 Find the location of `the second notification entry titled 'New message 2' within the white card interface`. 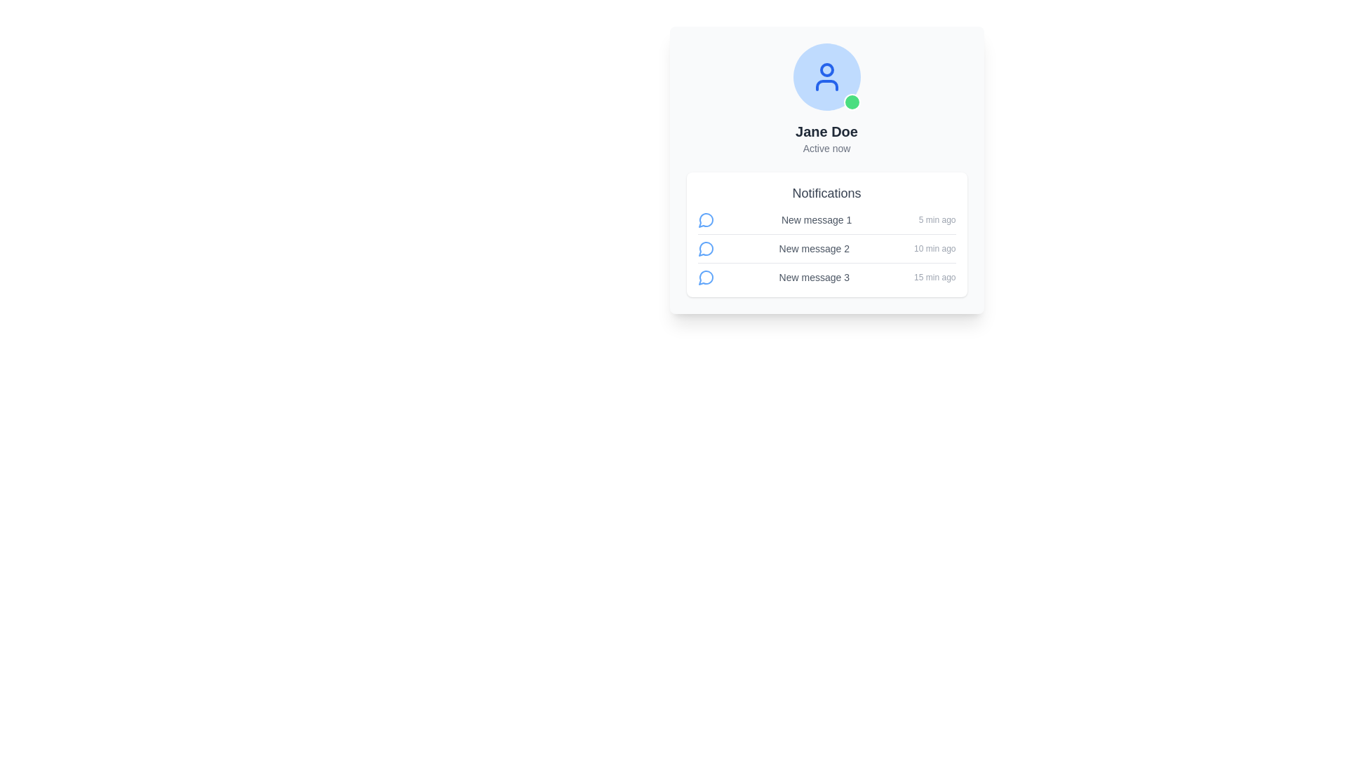

the second notification entry titled 'New message 2' within the white card interface is located at coordinates (826, 247).